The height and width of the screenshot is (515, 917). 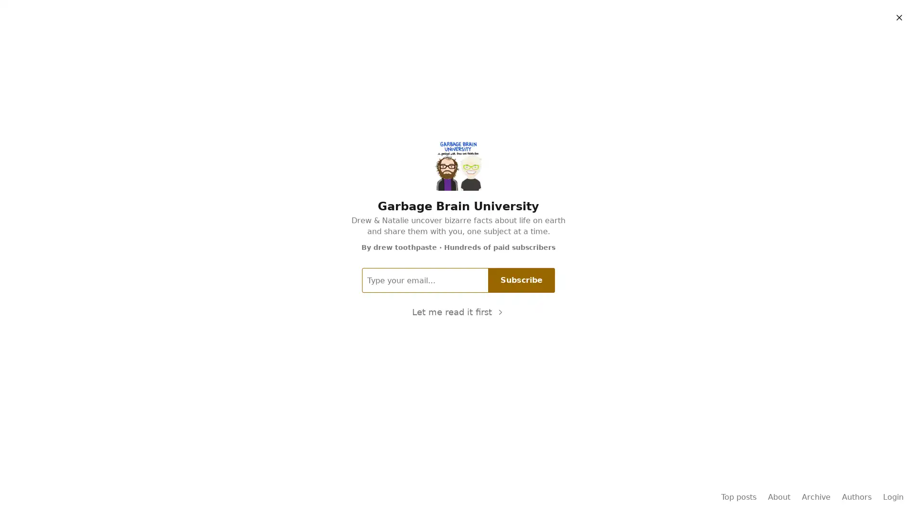 What do you see at coordinates (493, 41) in the screenshot?
I see `About` at bounding box center [493, 41].